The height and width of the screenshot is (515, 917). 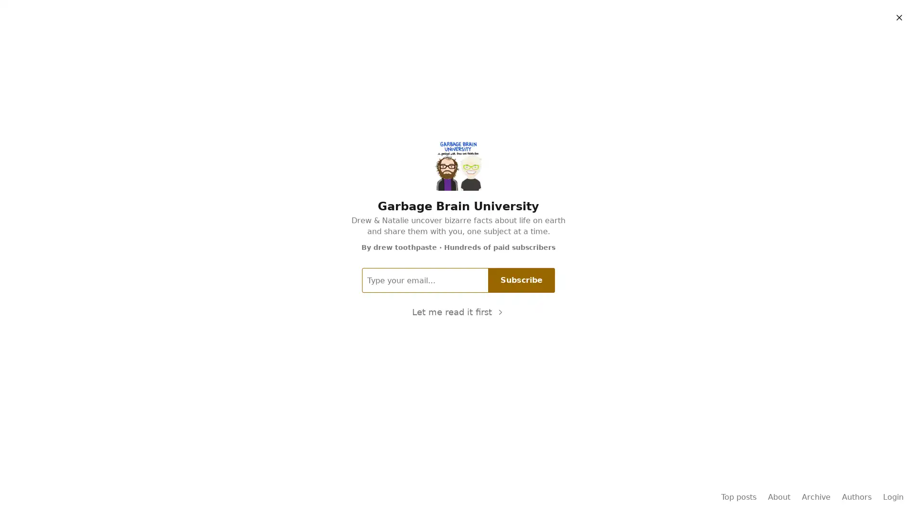 What do you see at coordinates (493, 41) in the screenshot?
I see `About` at bounding box center [493, 41].